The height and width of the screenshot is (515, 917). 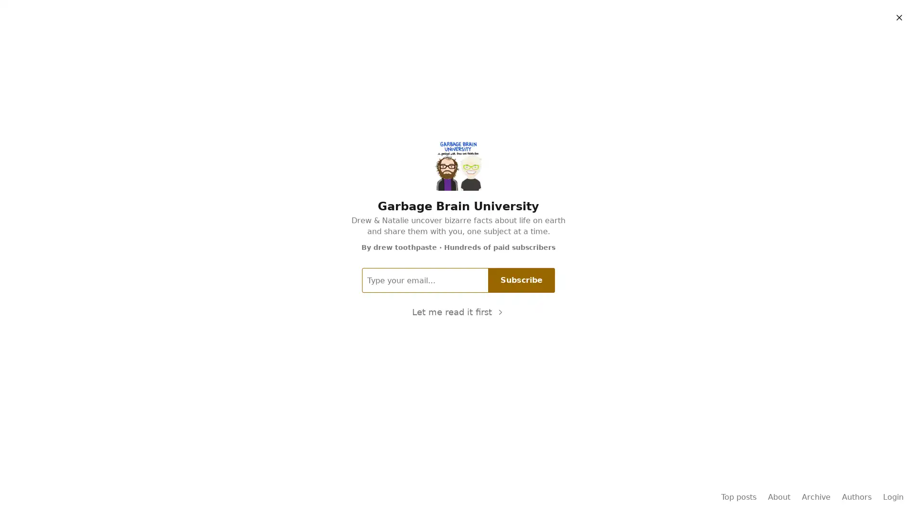 What do you see at coordinates (493, 41) in the screenshot?
I see `About` at bounding box center [493, 41].